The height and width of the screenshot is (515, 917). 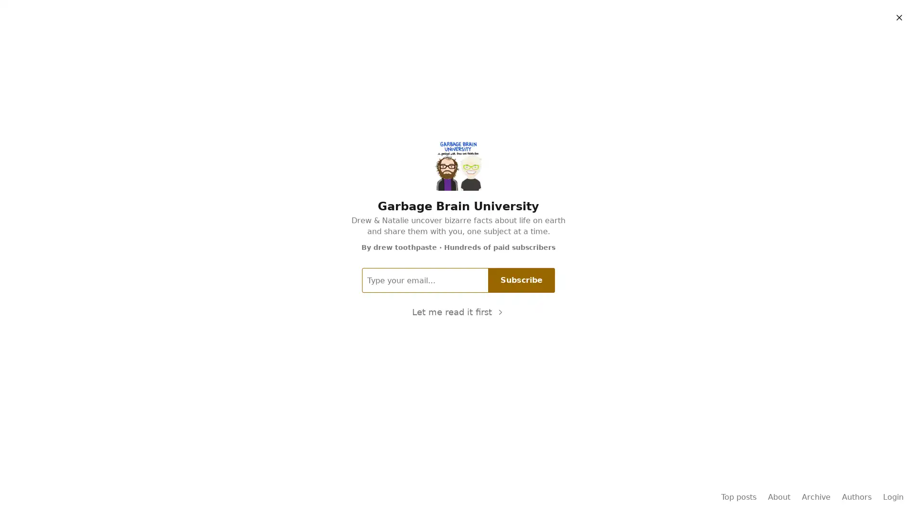 What do you see at coordinates (493, 41) in the screenshot?
I see `About` at bounding box center [493, 41].